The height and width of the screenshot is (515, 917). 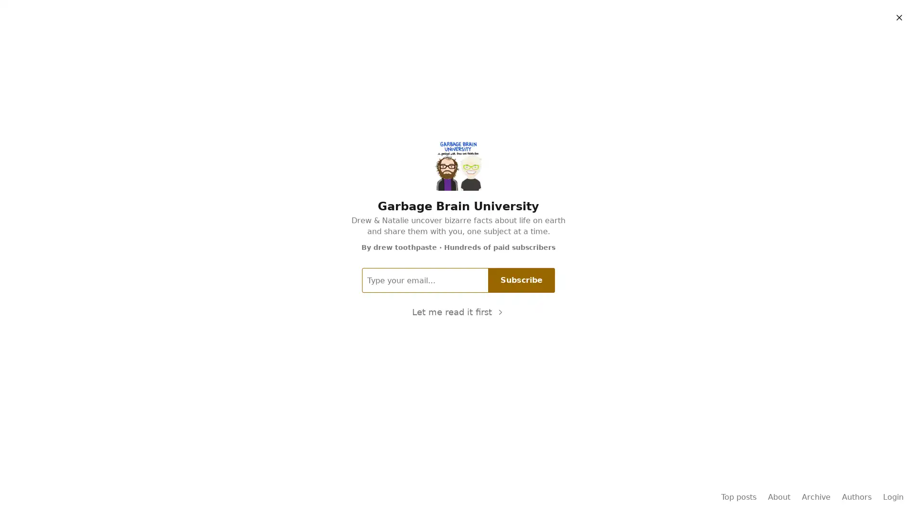 What do you see at coordinates (493, 41) in the screenshot?
I see `About` at bounding box center [493, 41].